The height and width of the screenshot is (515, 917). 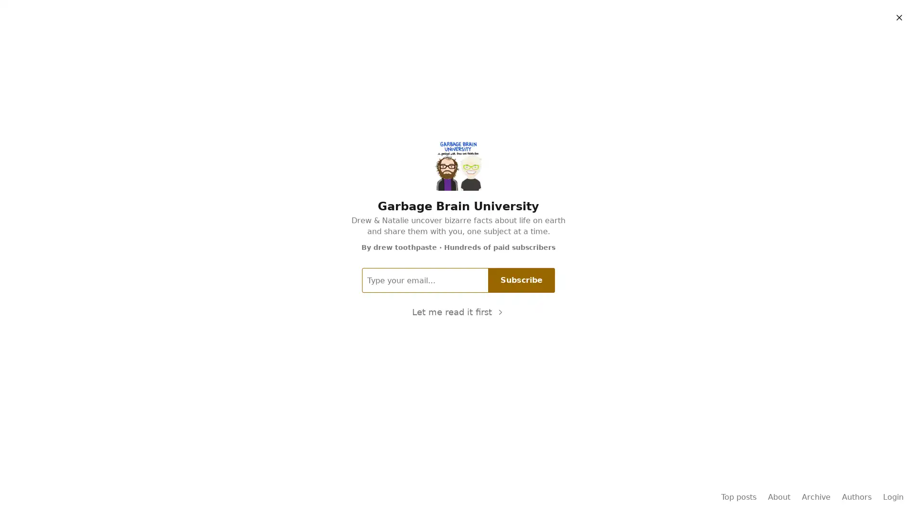 What do you see at coordinates (493, 41) in the screenshot?
I see `About` at bounding box center [493, 41].